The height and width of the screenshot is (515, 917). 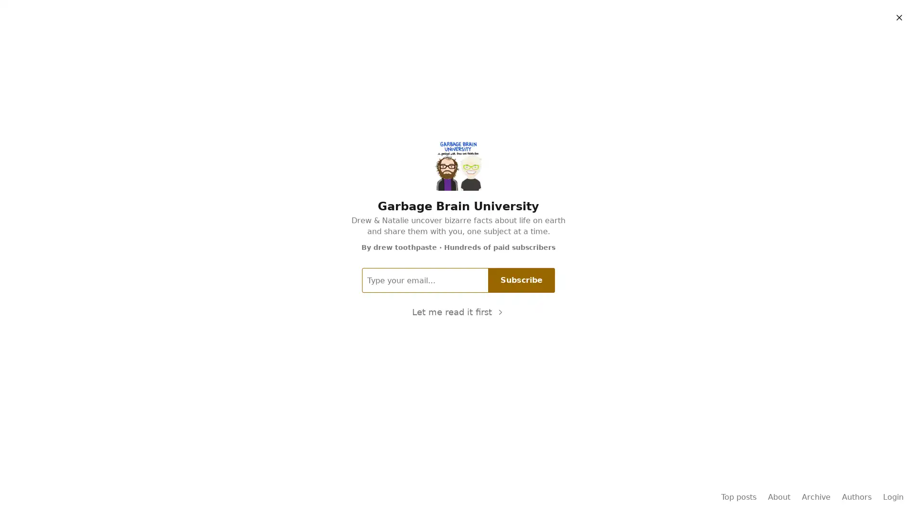 What do you see at coordinates (493, 41) in the screenshot?
I see `About` at bounding box center [493, 41].